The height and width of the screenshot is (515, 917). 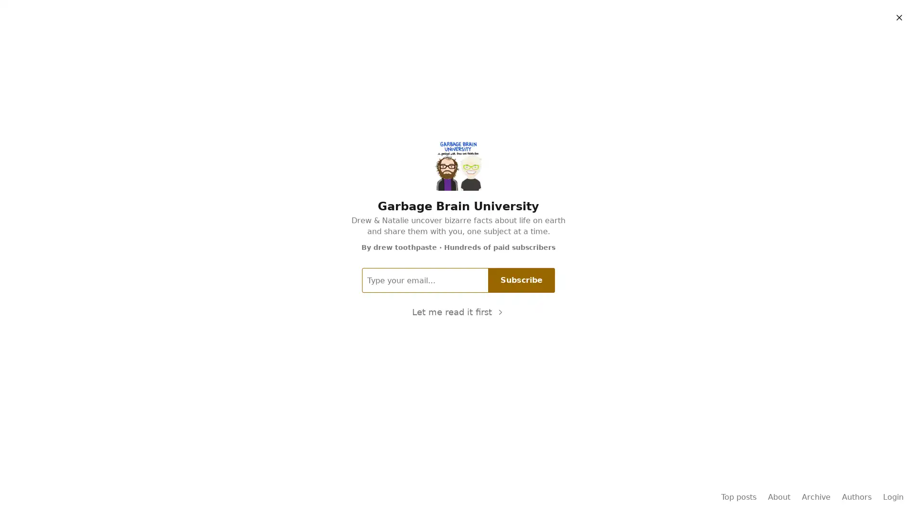 What do you see at coordinates (493, 41) in the screenshot?
I see `About` at bounding box center [493, 41].